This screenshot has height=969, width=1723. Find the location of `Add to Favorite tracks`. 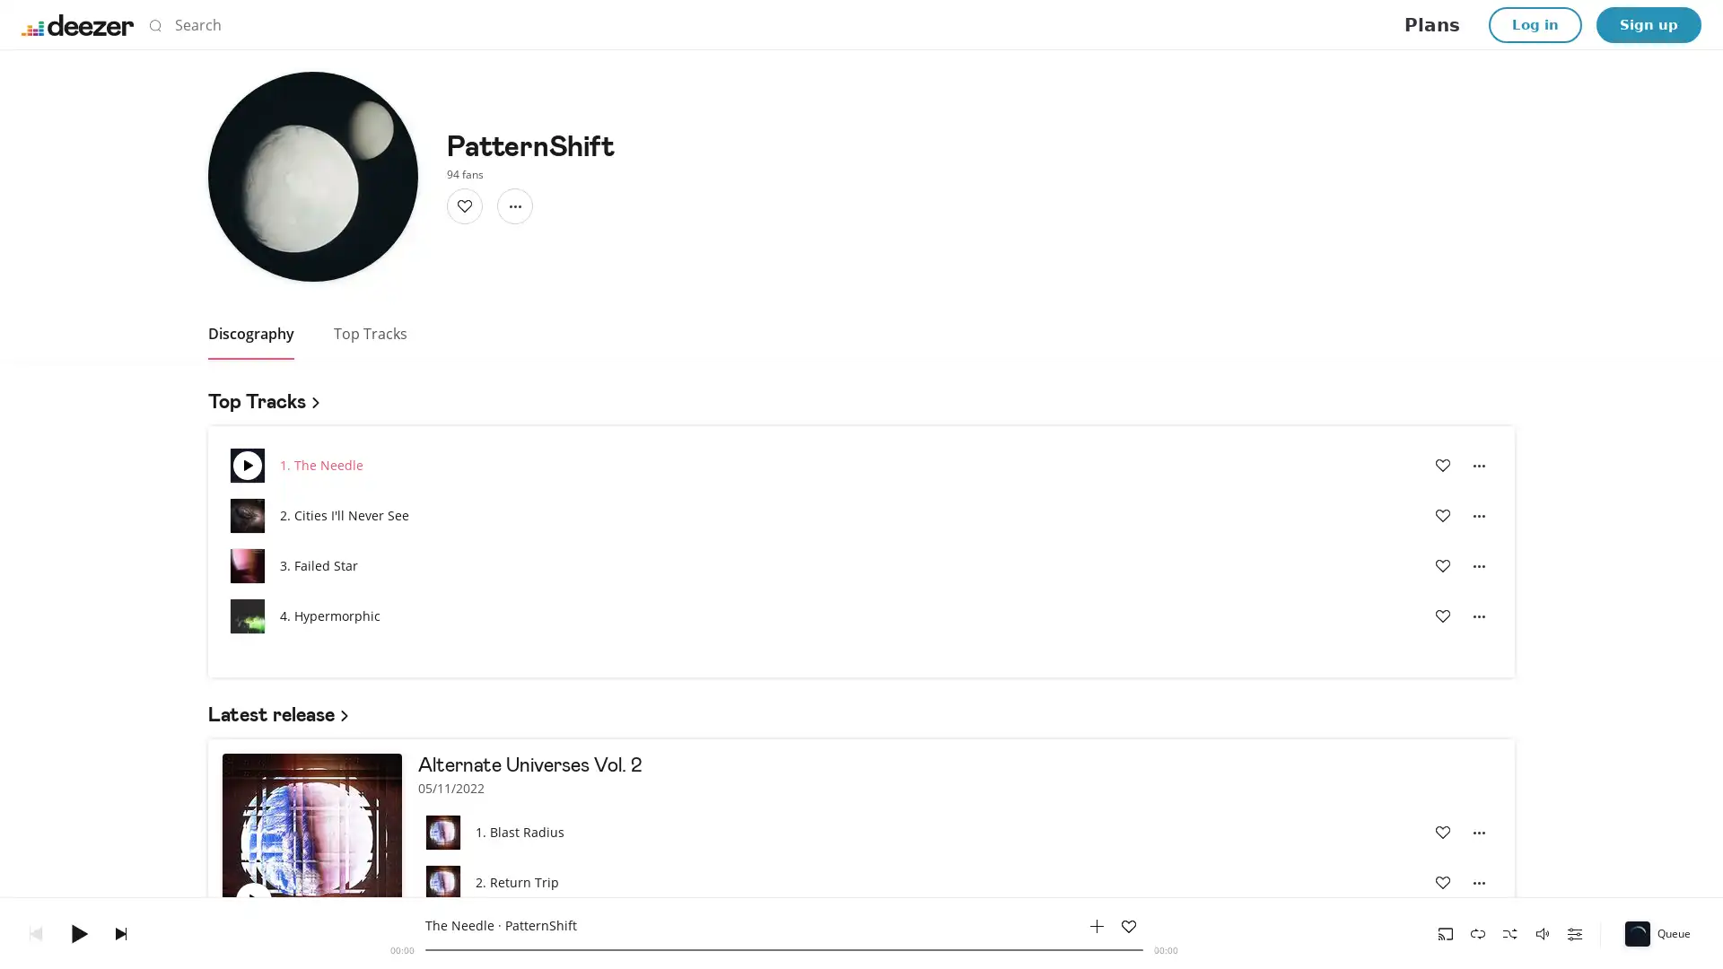

Add to Favorite tracks is located at coordinates (301, 900).